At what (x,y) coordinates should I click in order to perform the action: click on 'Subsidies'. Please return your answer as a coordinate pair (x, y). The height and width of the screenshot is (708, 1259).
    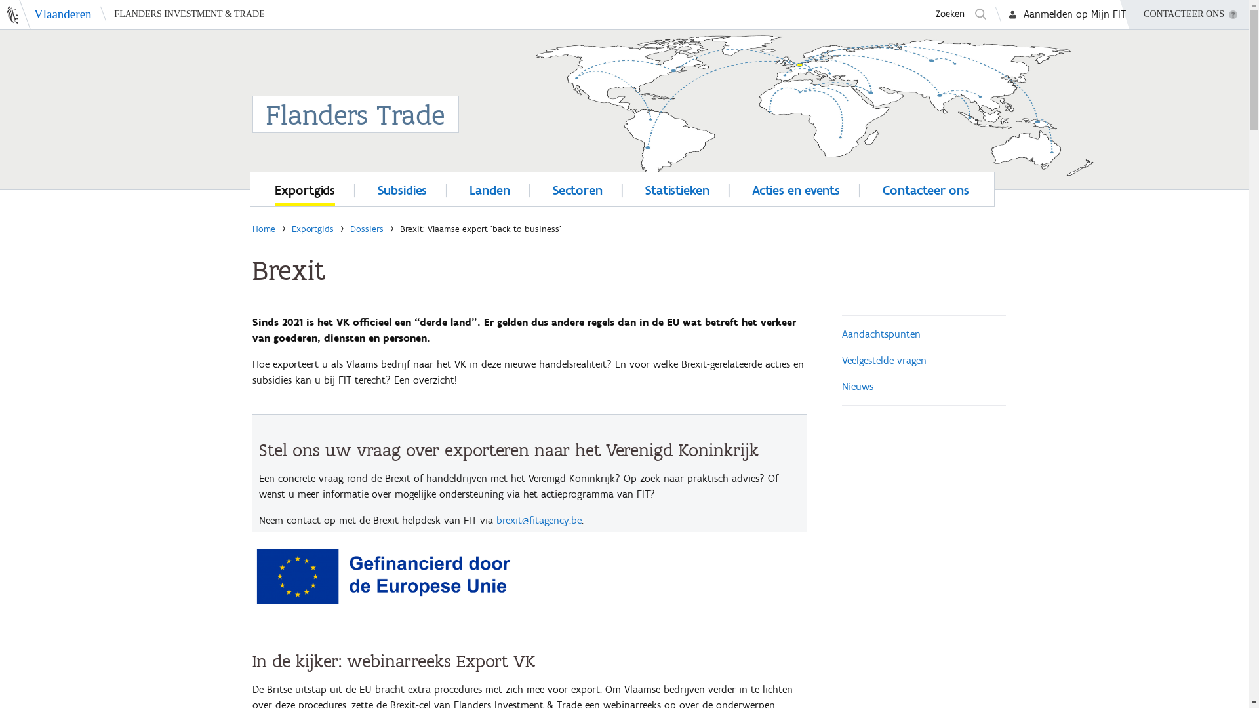
    Looking at the image, I should click on (401, 187).